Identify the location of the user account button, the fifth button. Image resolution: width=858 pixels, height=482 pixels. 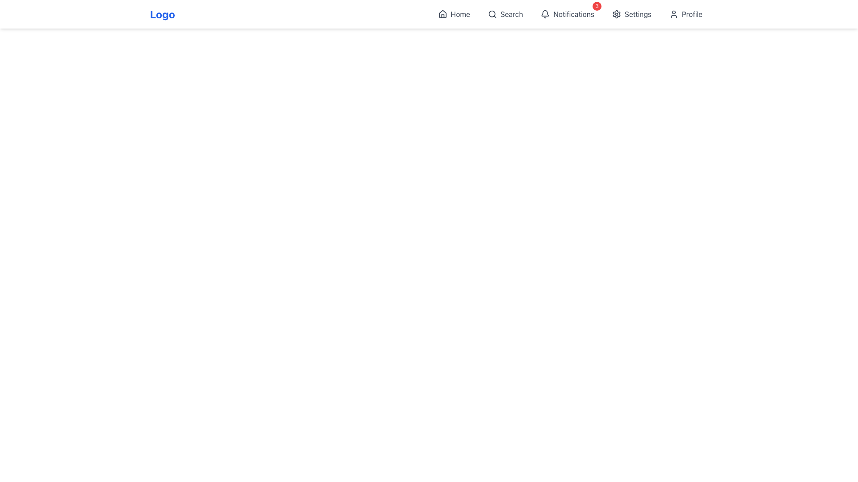
(685, 14).